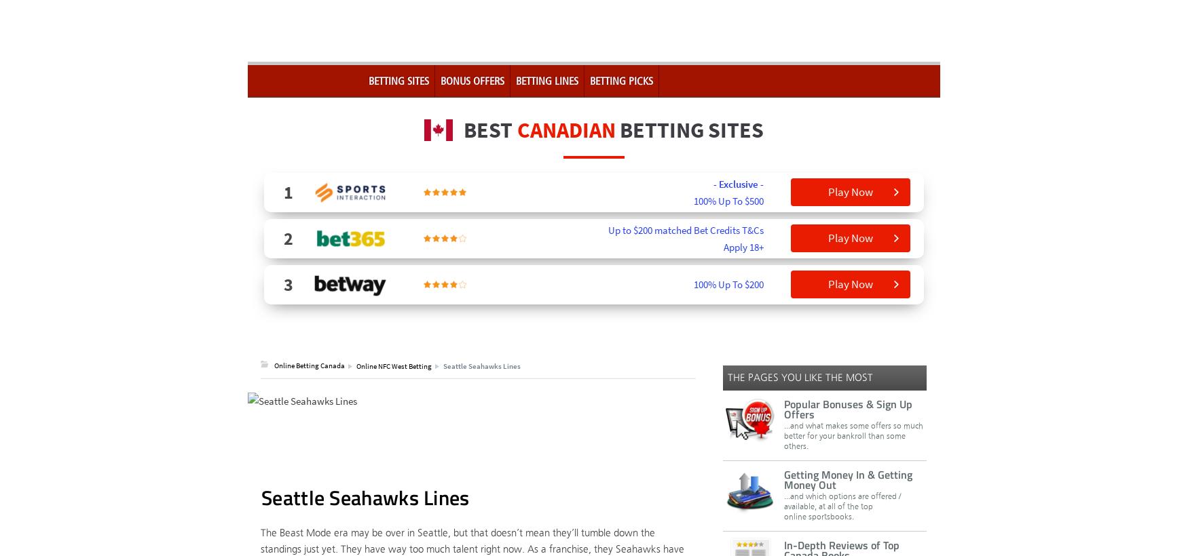 The width and height of the screenshot is (1188, 556). I want to click on 'Up to $200 matched Bet Credits T&Cs Apply 18+', so click(608, 237).